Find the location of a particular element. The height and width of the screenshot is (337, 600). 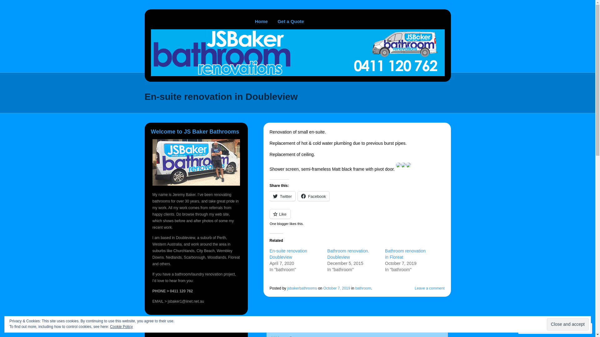

'jsbakerbathrooms' is located at coordinates (302, 288).